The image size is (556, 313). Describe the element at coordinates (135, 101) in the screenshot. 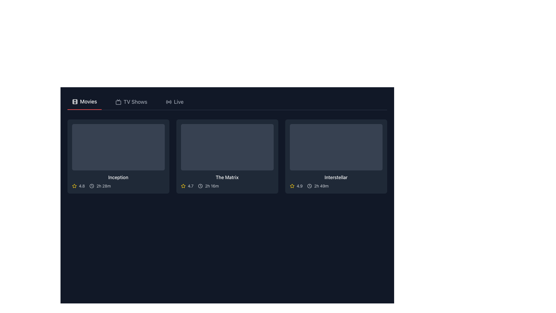

I see `the 'TV Shows' text label located` at that location.